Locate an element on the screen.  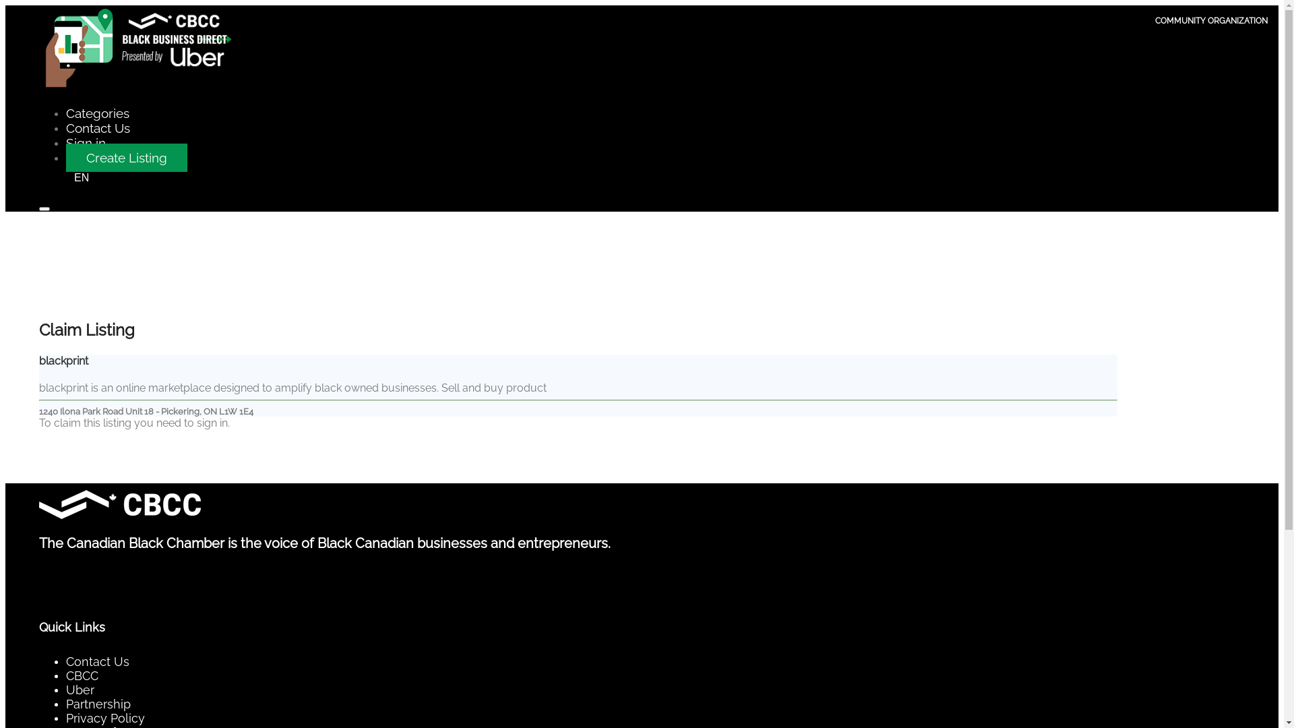
'CBCC' is located at coordinates (65, 675).